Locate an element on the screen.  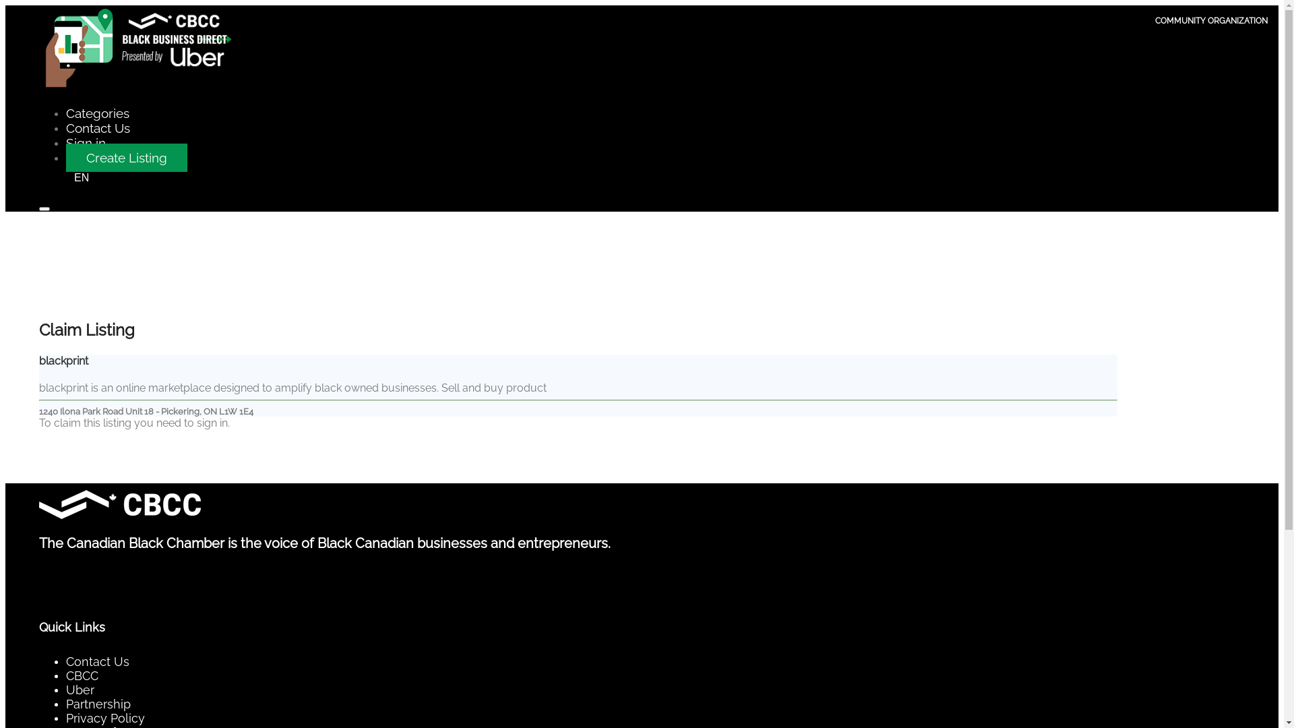
'CBCC' is located at coordinates (65, 675).